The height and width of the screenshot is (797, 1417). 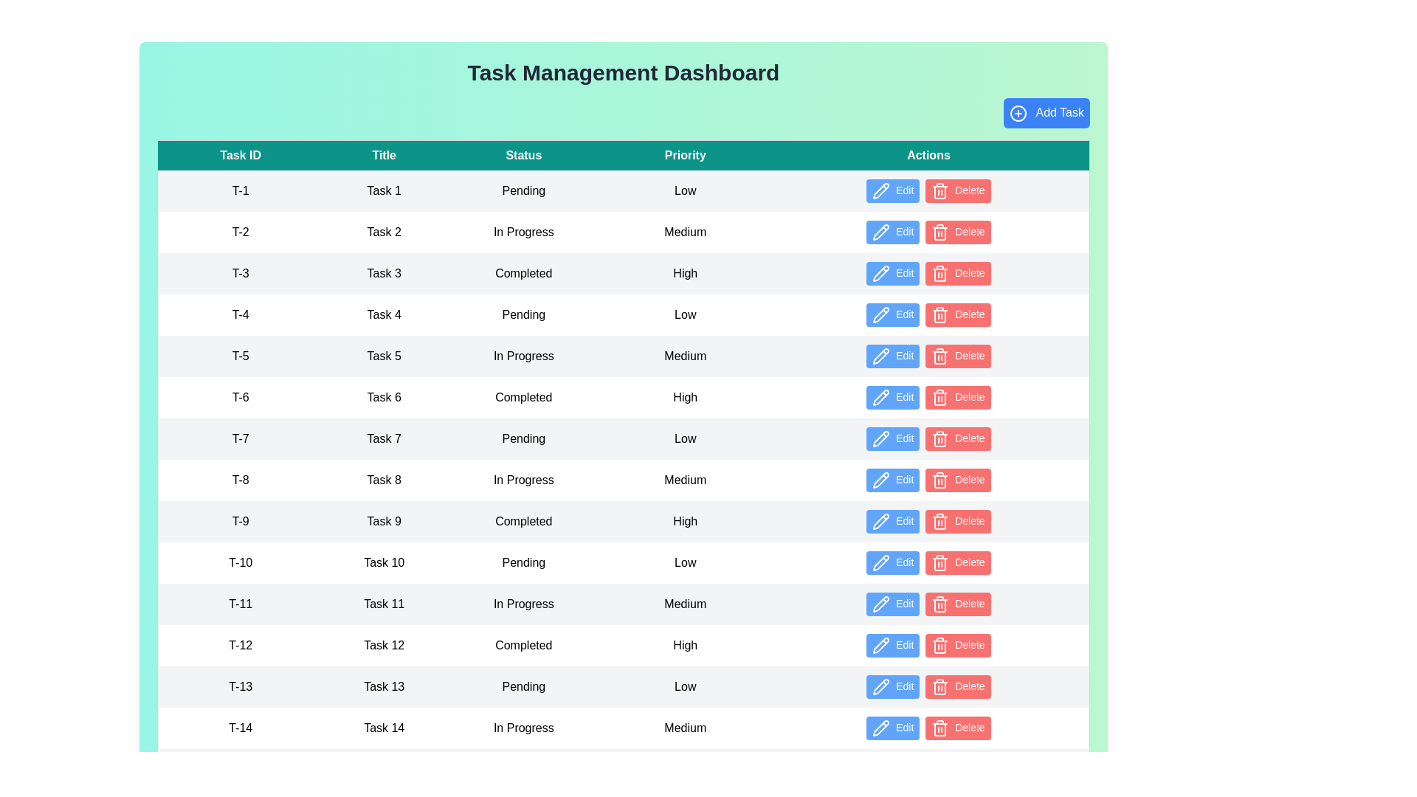 What do you see at coordinates (240, 190) in the screenshot?
I see `the row of a task to expand it and view its additional details` at bounding box center [240, 190].